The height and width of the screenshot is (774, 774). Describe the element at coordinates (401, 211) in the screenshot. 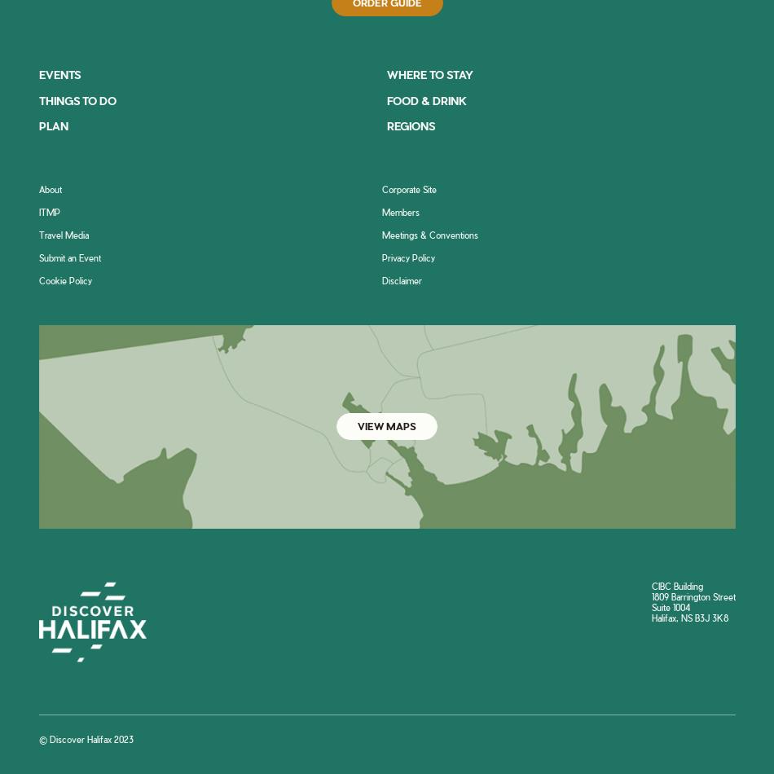

I see `'Members'` at that location.